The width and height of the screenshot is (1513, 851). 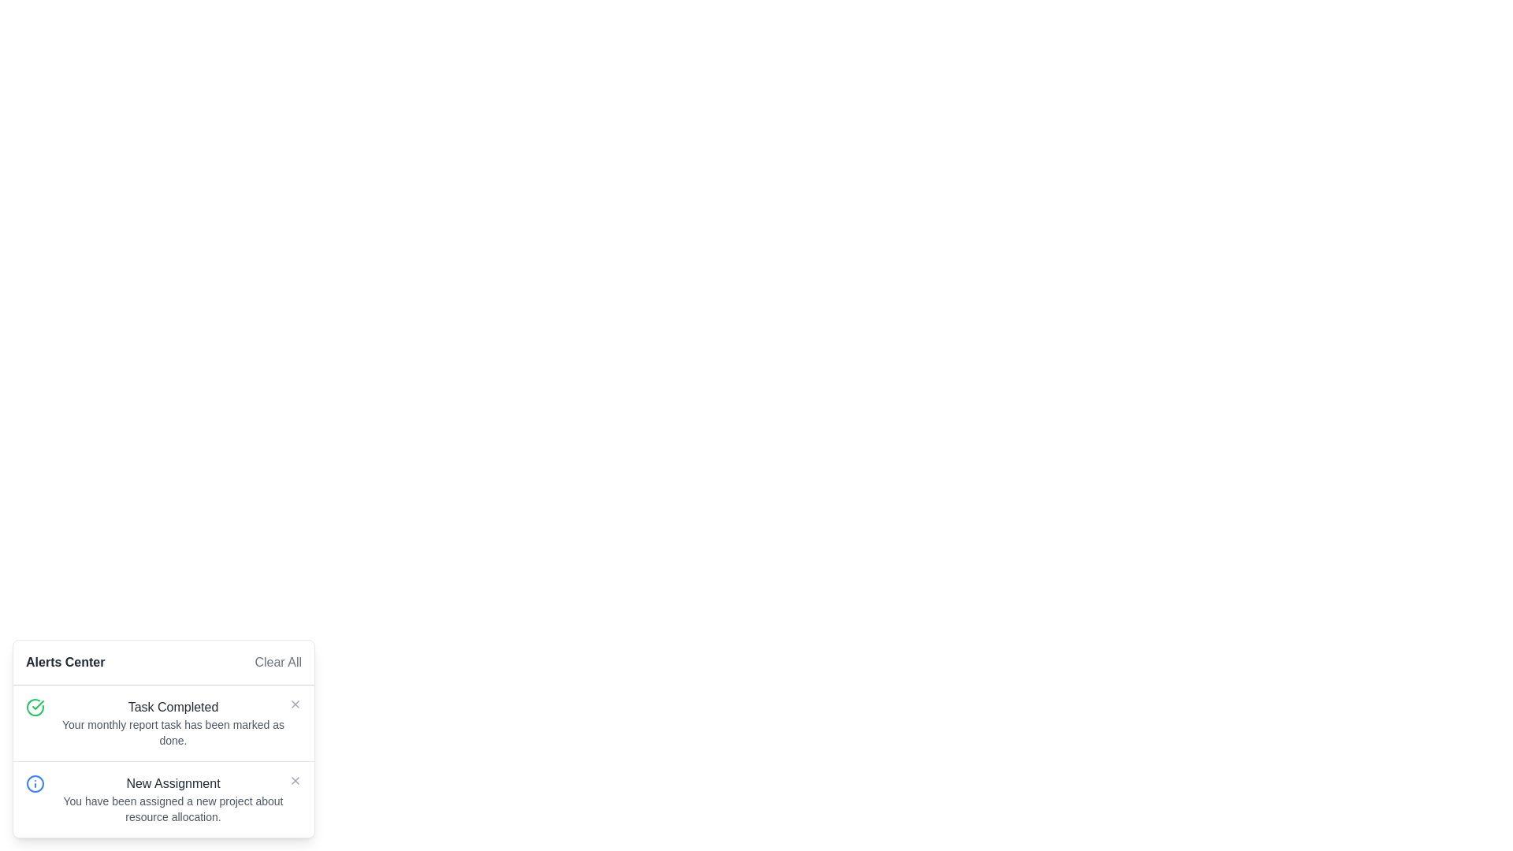 I want to click on the 'New Assignment' notification item to copy or select the text, so click(x=163, y=799).